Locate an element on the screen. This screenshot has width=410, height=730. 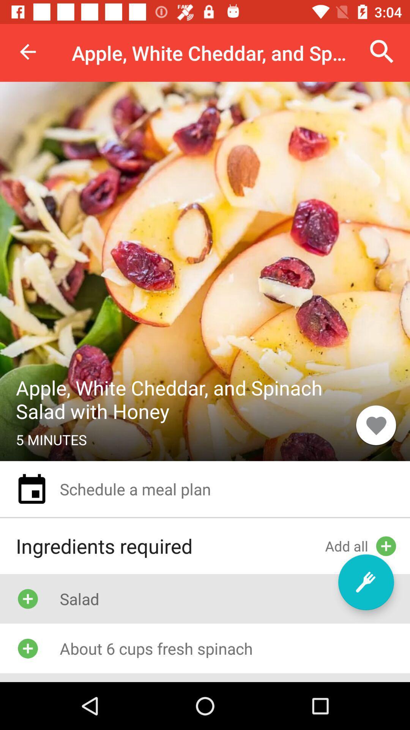
the item to the left of the apple white cheddar icon is located at coordinates (27, 51).